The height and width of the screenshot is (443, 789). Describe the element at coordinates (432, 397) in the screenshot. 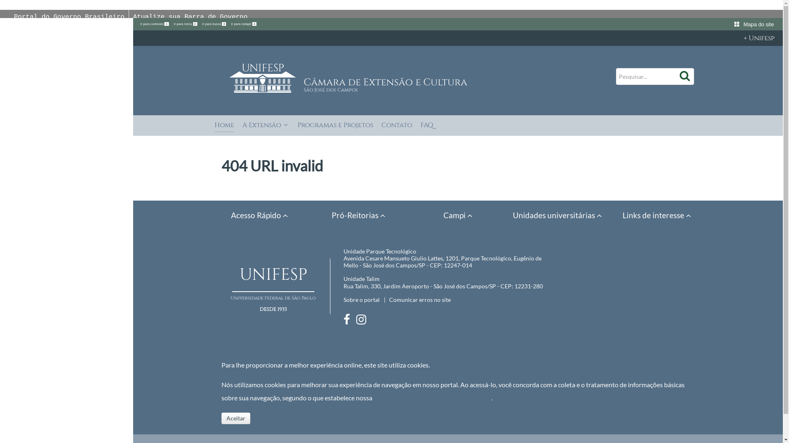

I see `'Politica de Privacidade de Dados Pessoais'` at that location.